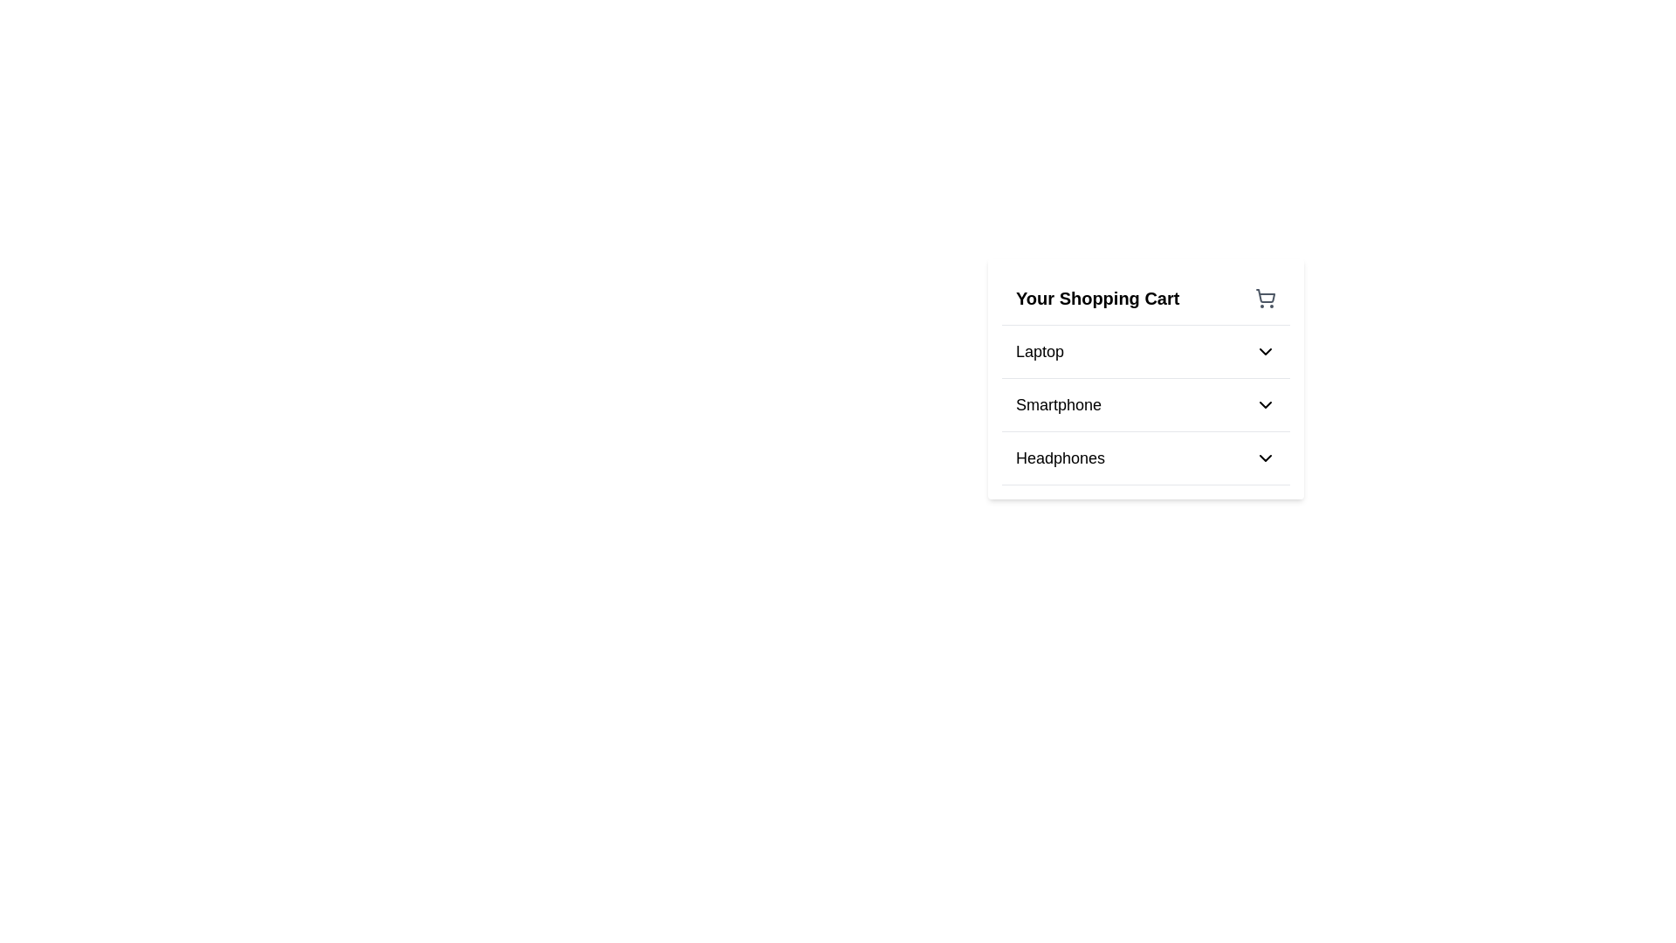 The image size is (1676, 943). Describe the element at coordinates (1265, 351) in the screenshot. I see `the toggle icon (chevron-down) located at the far right of the 'Laptop' list item to observe potential hover effects` at that location.